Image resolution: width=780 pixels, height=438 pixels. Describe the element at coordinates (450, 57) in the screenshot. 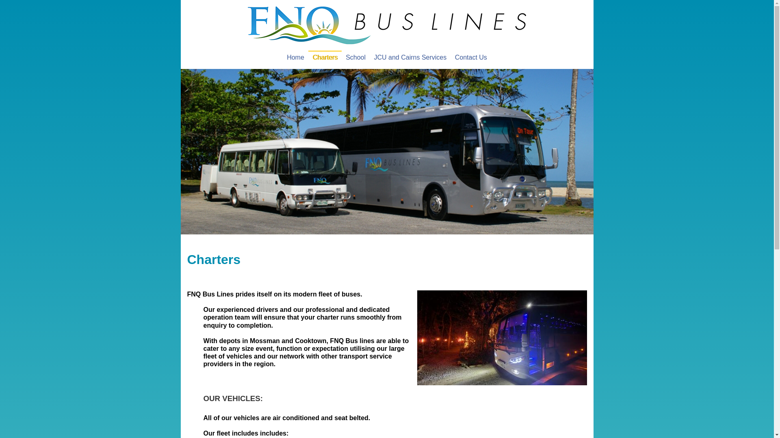

I see `'Contact Us'` at that location.